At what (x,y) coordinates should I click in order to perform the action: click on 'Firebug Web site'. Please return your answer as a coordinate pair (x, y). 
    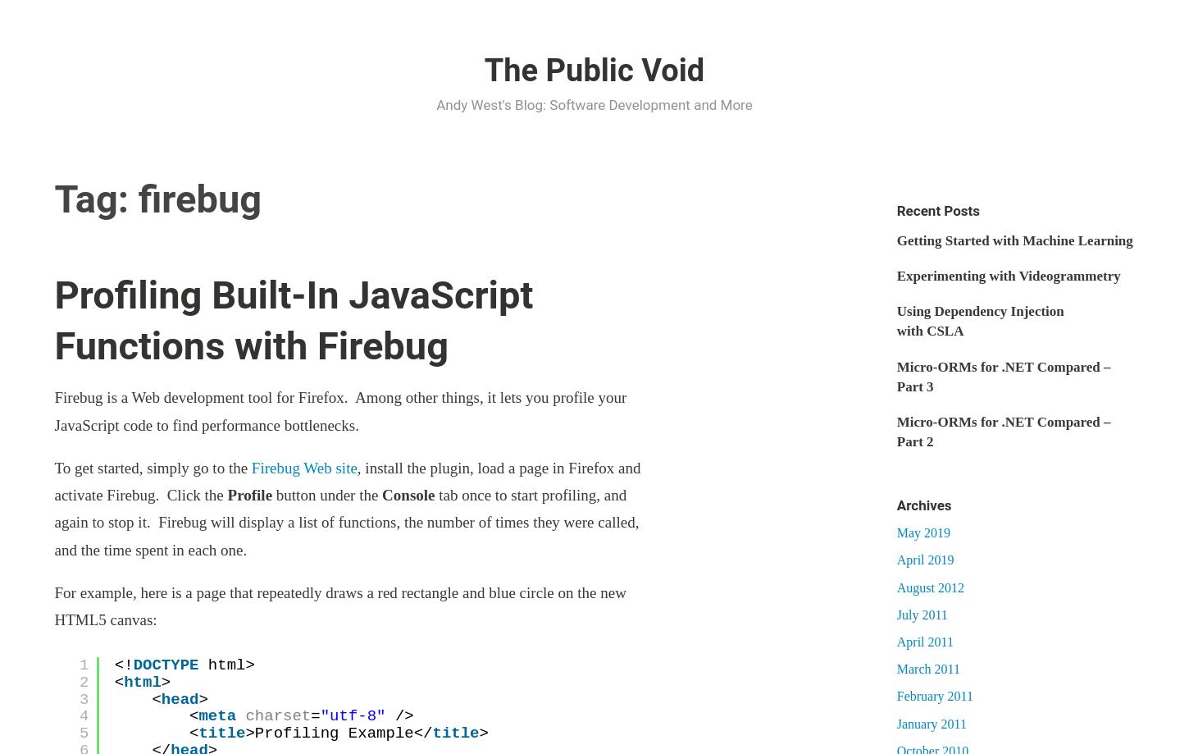
    Looking at the image, I should click on (303, 467).